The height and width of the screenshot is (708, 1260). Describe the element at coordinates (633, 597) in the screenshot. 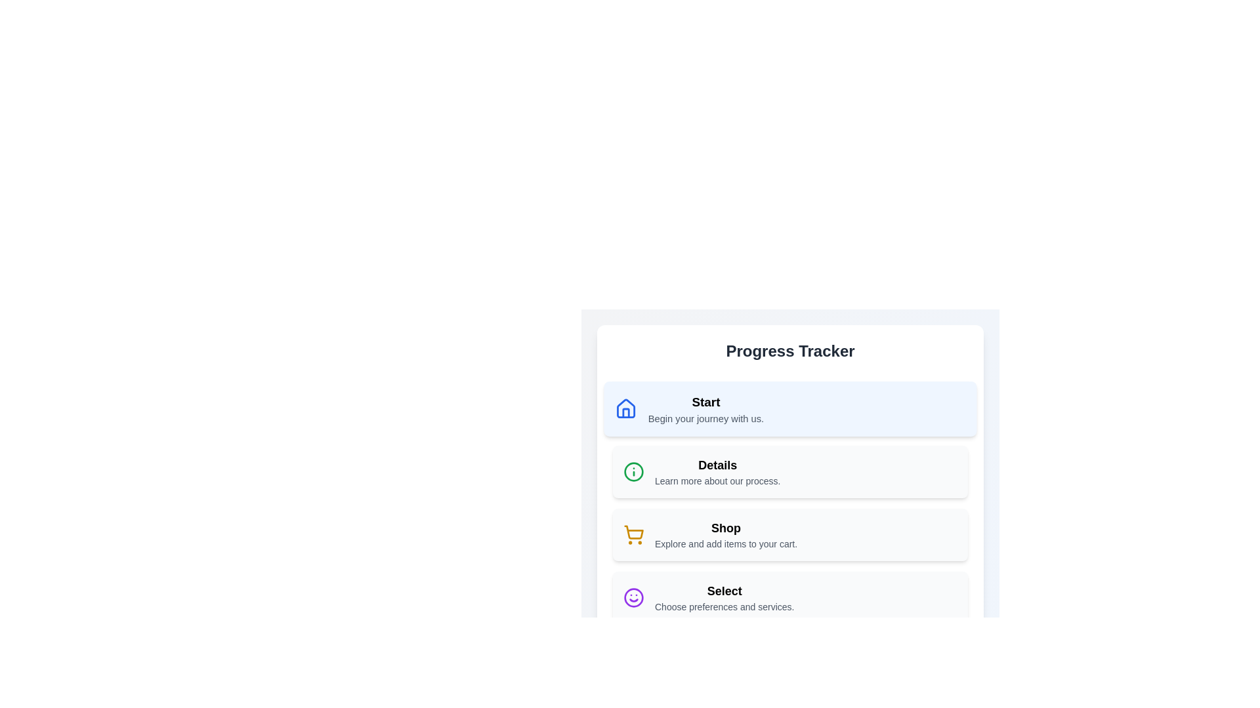

I see `the smiling face icon with a purple circular outline, located in the 'Select' section, adjacent to the 'Select' text and above the description. This icon serves as a visual cue` at that location.